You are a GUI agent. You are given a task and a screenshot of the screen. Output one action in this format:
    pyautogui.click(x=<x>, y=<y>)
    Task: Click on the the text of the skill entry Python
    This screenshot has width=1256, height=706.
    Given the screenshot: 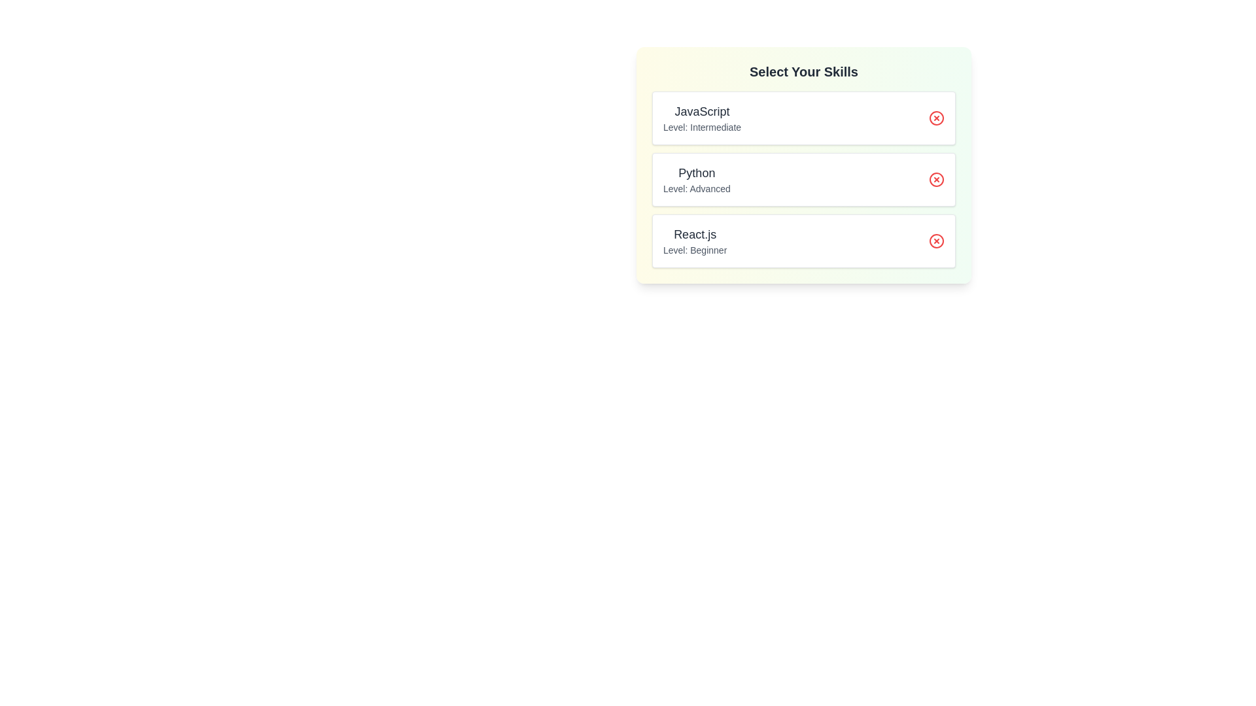 What is the action you would take?
    pyautogui.click(x=663, y=163)
    